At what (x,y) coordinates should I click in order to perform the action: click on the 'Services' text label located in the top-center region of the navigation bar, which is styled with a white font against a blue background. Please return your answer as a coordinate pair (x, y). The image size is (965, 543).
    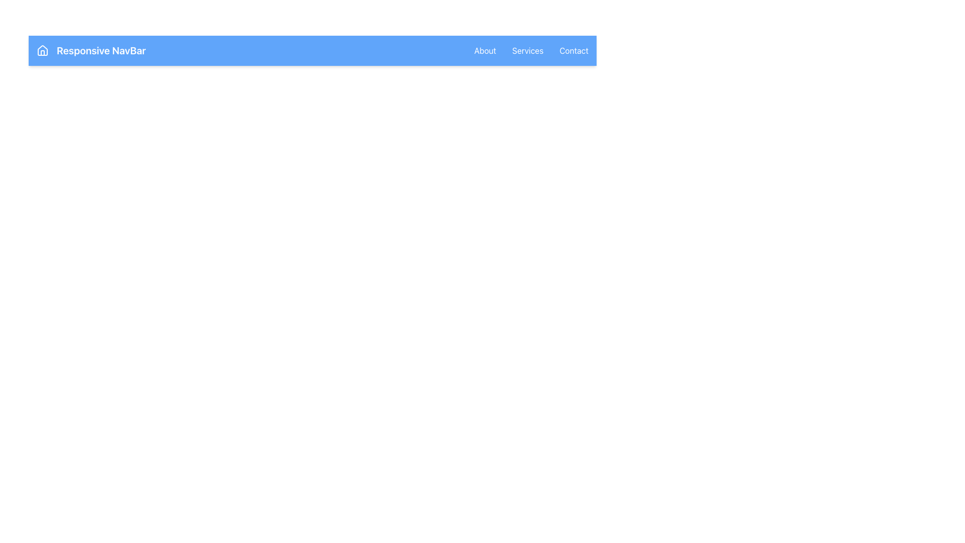
    Looking at the image, I should click on (527, 50).